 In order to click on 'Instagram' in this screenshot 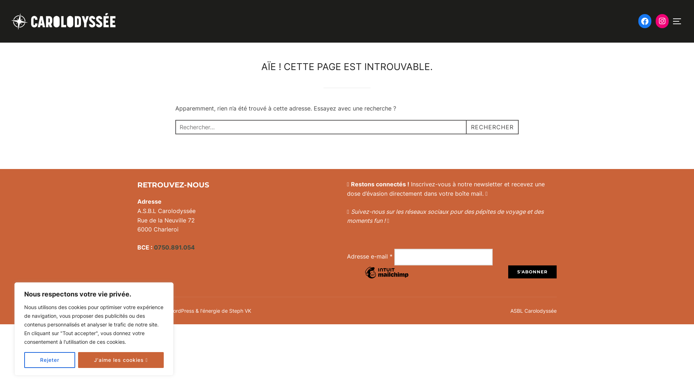, I will do `click(662, 20)`.